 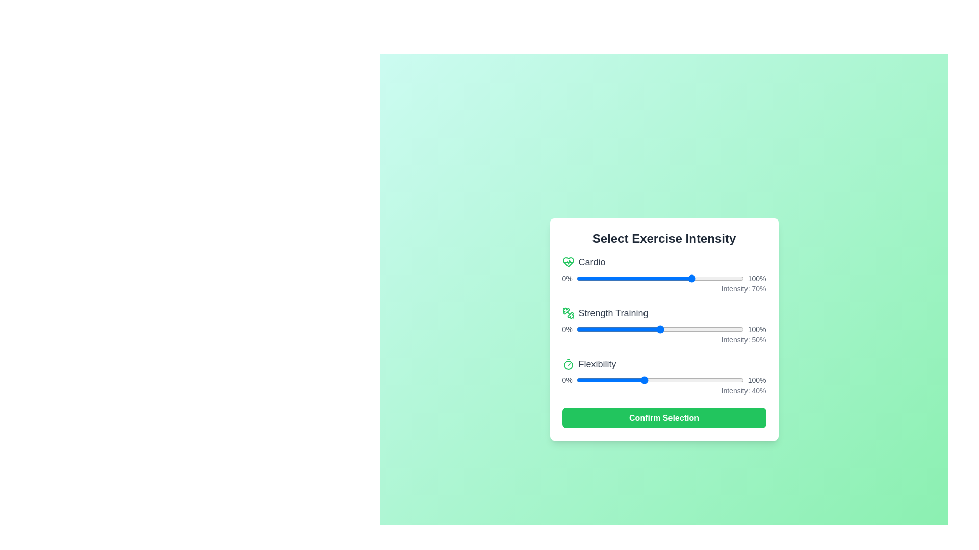 I want to click on the 0 slider to 60%, so click(x=710, y=279).